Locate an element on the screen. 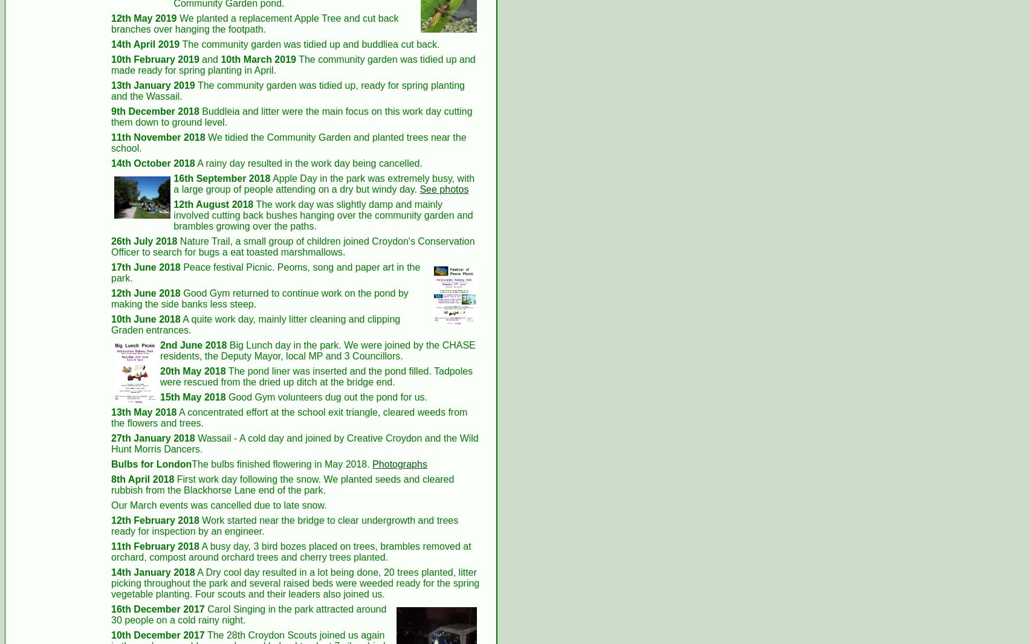 The image size is (1030, 644). '12th June 2018' is located at coordinates (111, 292).